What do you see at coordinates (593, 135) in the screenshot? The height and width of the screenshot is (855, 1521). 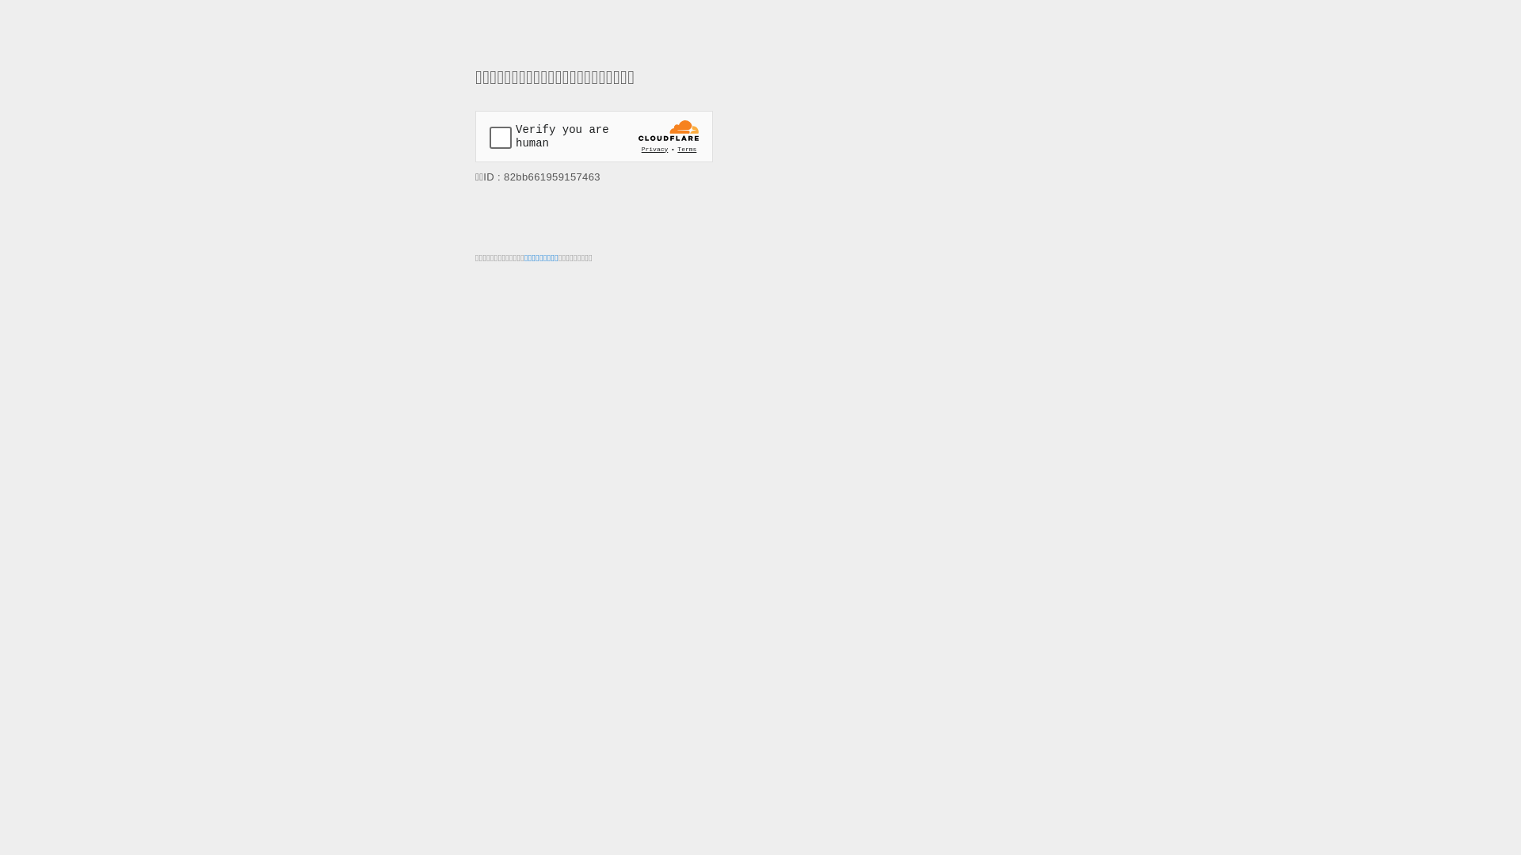 I see `'Widget containing a Cloudflare security challenge'` at bounding box center [593, 135].